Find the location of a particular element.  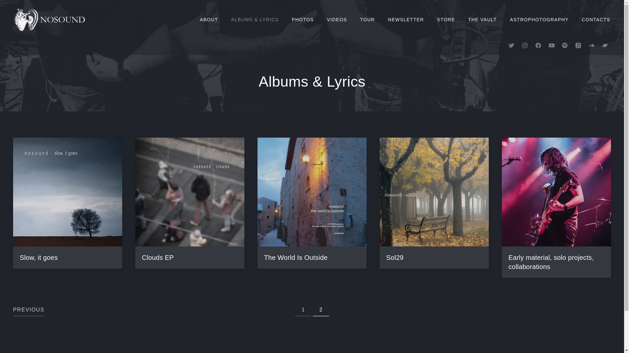

'New Window' is located at coordinates (578, 45).